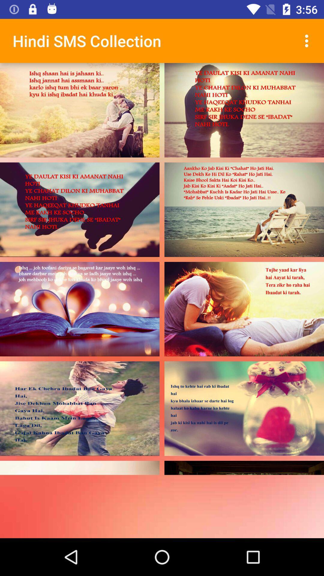  I want to click on the icon to the right of the hindi sms collection app, so click(308, 40).